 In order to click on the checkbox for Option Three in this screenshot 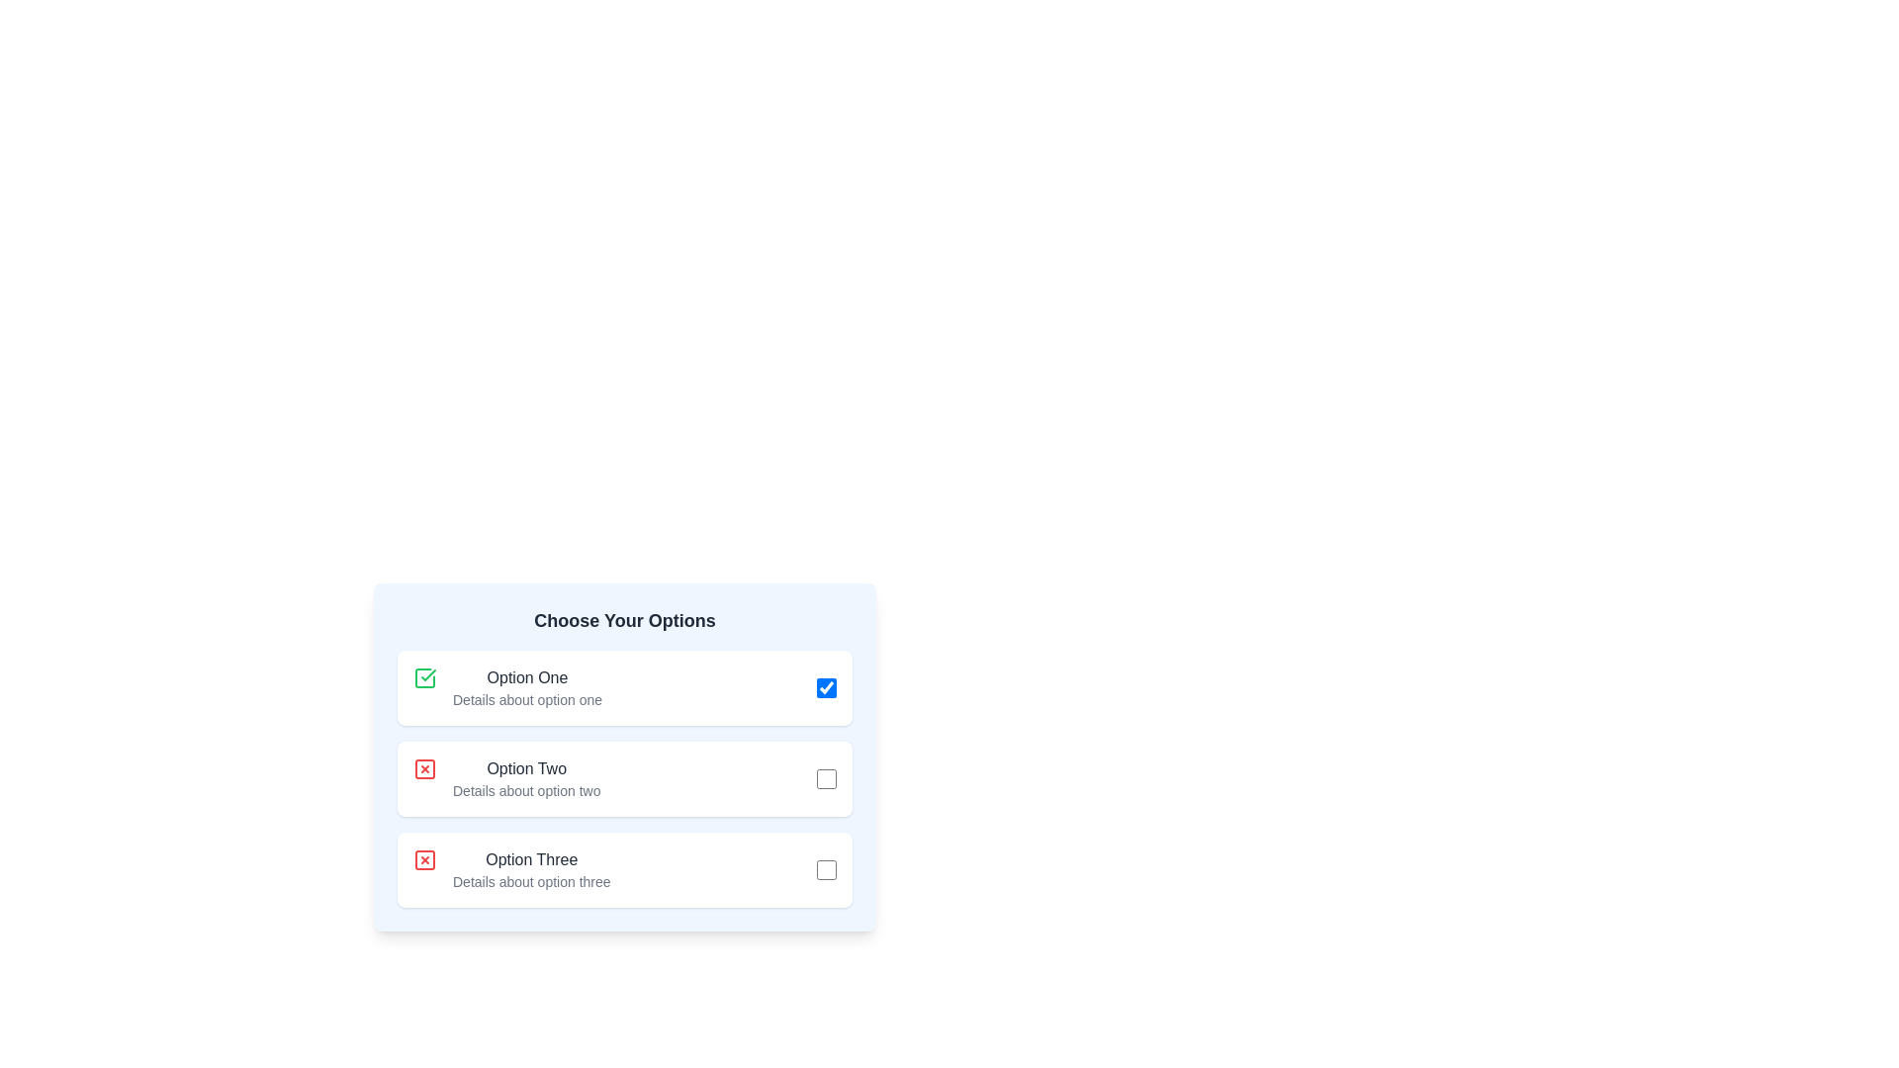, I will do `click(826, 868)`.